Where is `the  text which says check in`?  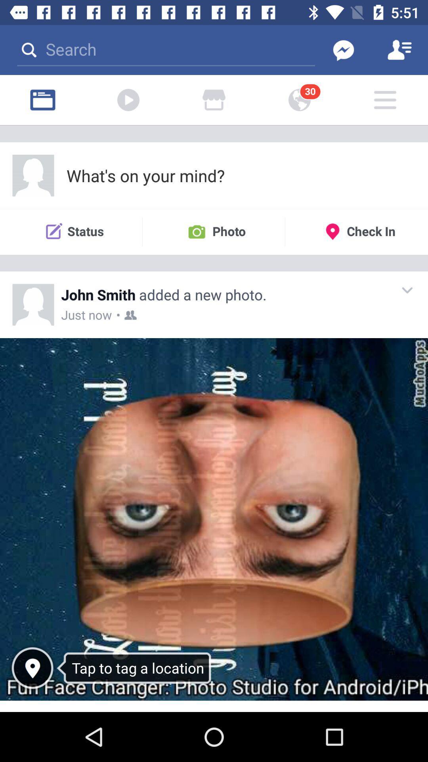 the  text which says check in is located at coordinates (356, 231).